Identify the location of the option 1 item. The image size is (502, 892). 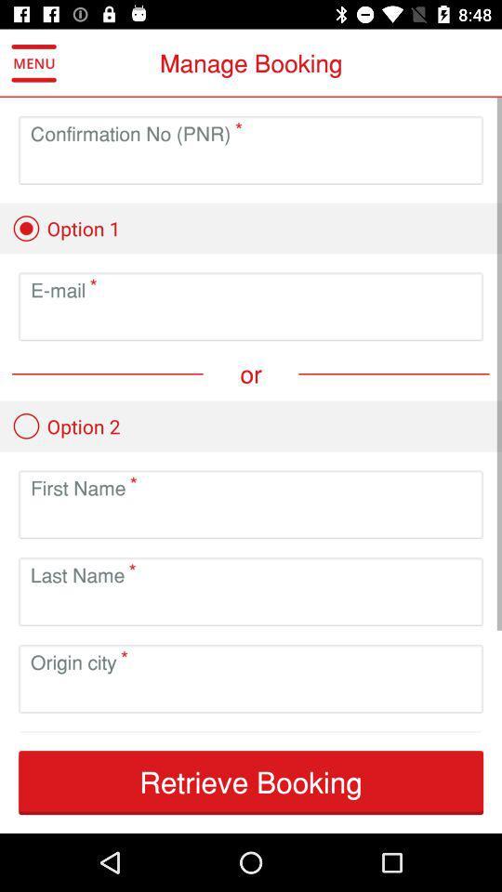
(65, 228).